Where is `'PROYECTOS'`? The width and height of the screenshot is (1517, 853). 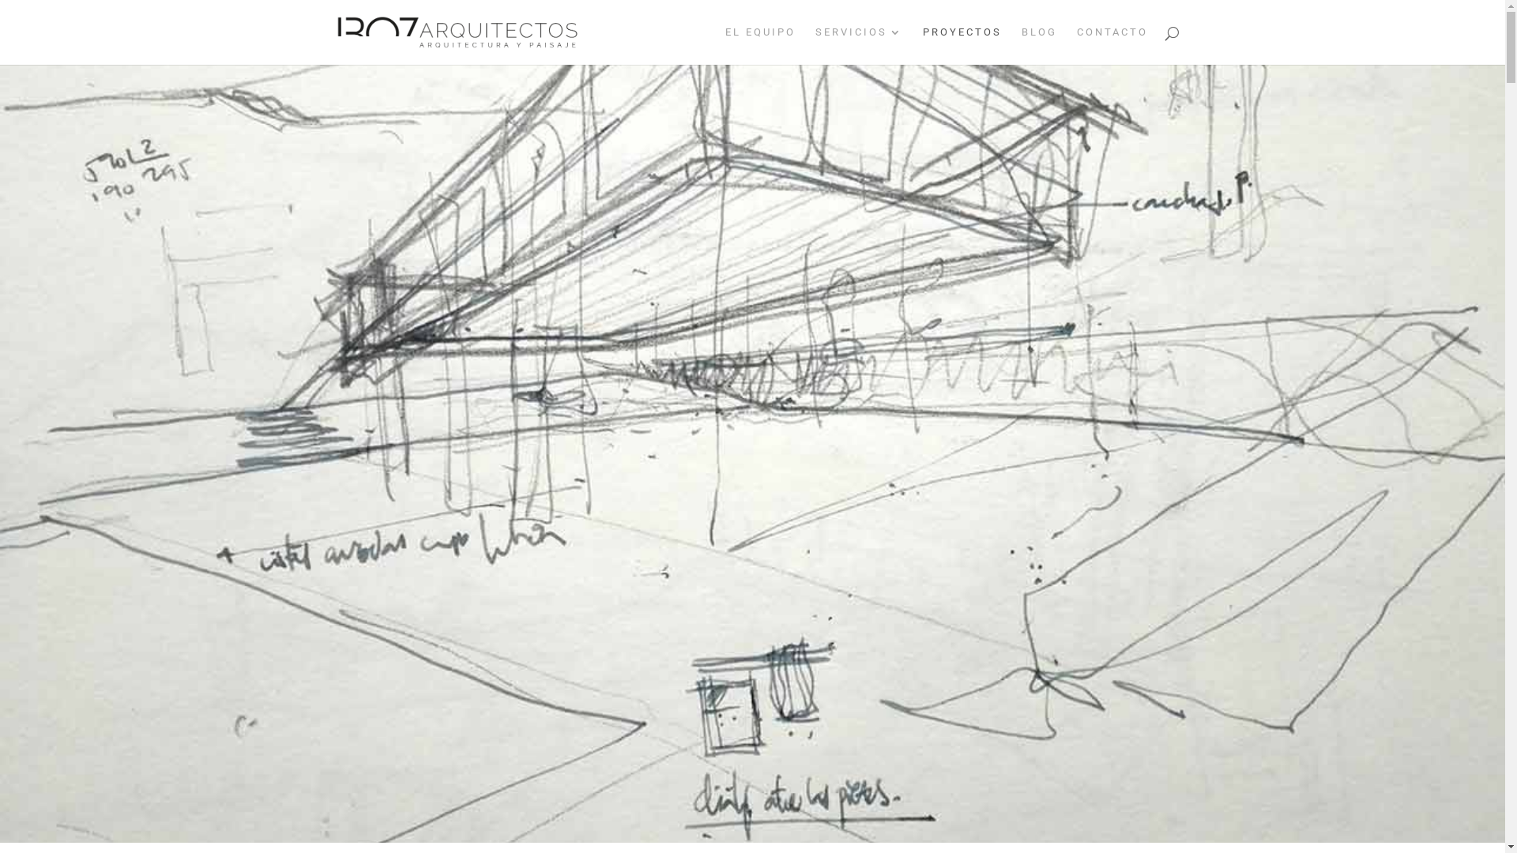 'PROYECTOS' is located at coordinates (962, 44).